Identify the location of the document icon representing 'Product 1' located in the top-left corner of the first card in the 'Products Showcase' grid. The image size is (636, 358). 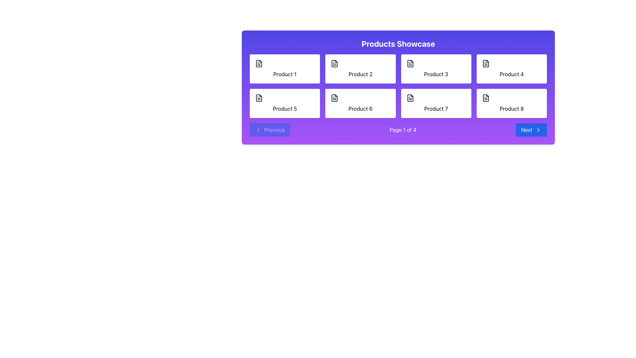
(259, 64).